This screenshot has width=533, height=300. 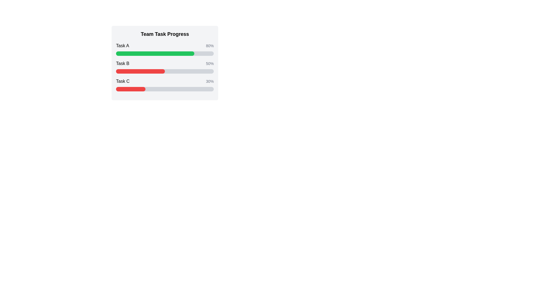 What do you see at coordinates (209, 46) in the screenshot?
I see `the text element displaying '80%' within the 'Team Task Progress' section, which is aligned to the right of the green progress bar for 'Task A'` at bounding box center [209, 46].